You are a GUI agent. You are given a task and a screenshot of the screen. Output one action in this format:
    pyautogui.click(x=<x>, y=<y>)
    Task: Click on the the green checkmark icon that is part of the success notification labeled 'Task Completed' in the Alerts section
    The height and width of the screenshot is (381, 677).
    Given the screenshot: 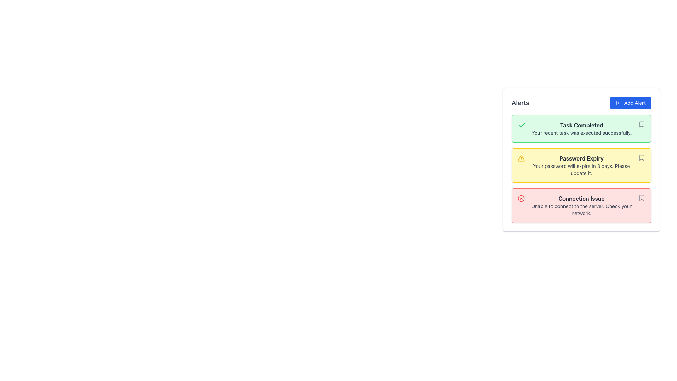 What is the action you would take?
    pyautogui.click(x=522, y=125)
    